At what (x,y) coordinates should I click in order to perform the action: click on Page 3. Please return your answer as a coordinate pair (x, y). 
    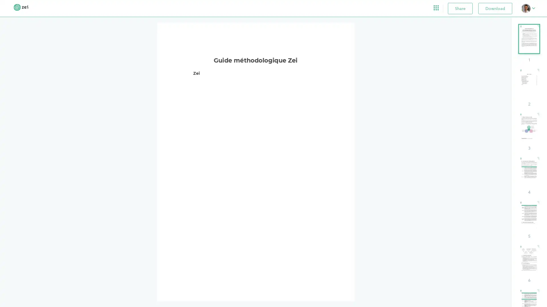
    Looking at the image, I should click on (529, 132).